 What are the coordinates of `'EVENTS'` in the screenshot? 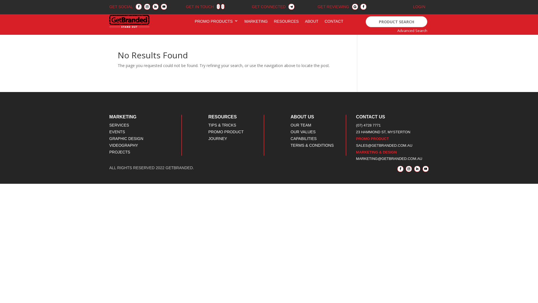 It's located at (117, 132).